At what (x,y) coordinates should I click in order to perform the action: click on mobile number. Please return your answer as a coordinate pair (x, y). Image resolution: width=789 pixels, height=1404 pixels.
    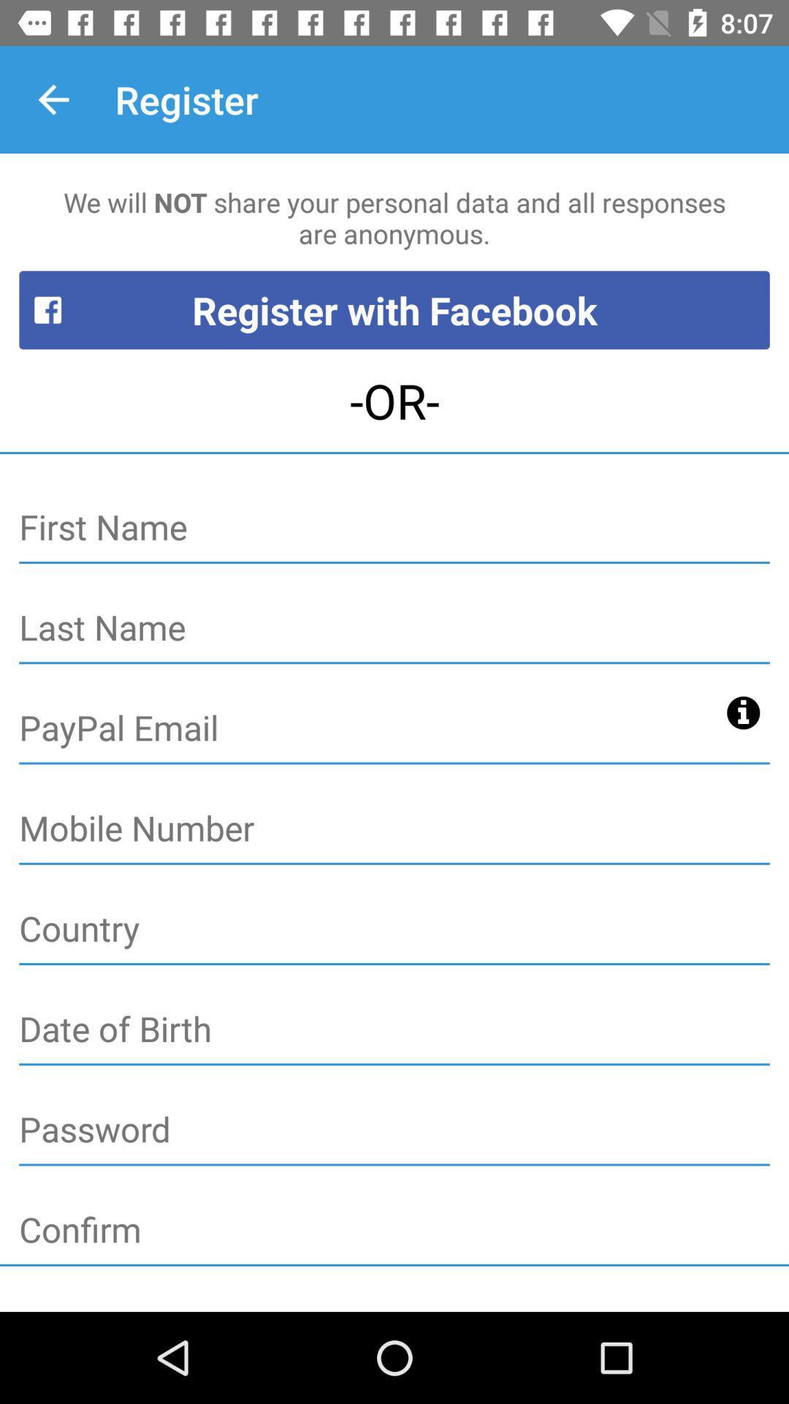
    Looking at the image, I should click on (394, 829).